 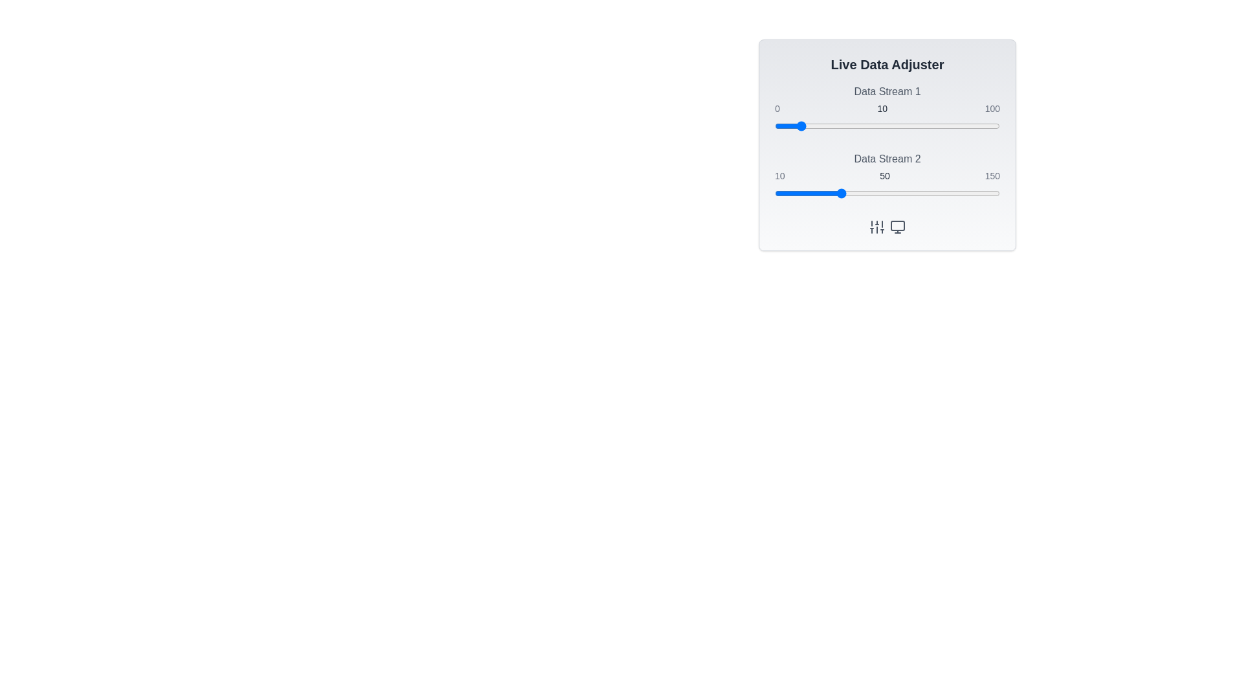 What do you see at coordinates (871, 126) in the screenshot?
I see `the slider` at bounding box center [871, 126].